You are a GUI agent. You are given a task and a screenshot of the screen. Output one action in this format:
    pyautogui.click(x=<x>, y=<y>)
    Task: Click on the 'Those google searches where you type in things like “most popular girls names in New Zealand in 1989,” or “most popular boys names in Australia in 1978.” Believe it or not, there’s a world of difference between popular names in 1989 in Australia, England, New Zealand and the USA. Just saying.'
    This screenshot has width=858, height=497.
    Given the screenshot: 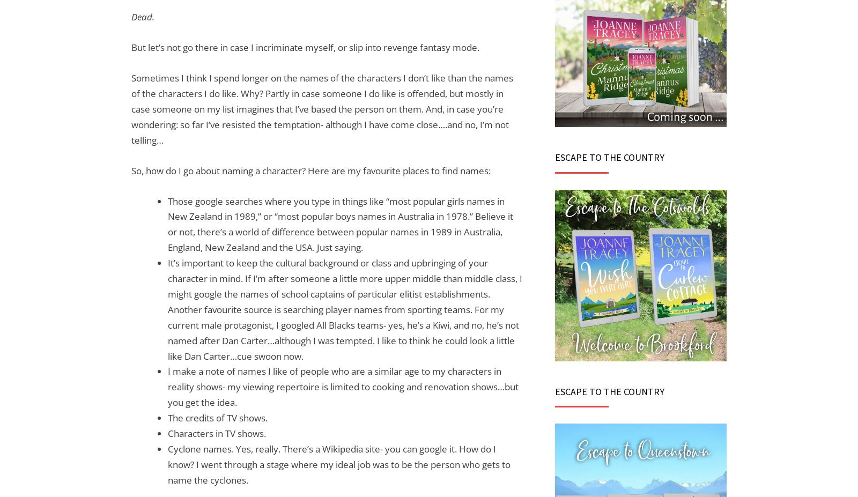 What is the action you would take?
    pyautogui.click(x=341, y=223)
    